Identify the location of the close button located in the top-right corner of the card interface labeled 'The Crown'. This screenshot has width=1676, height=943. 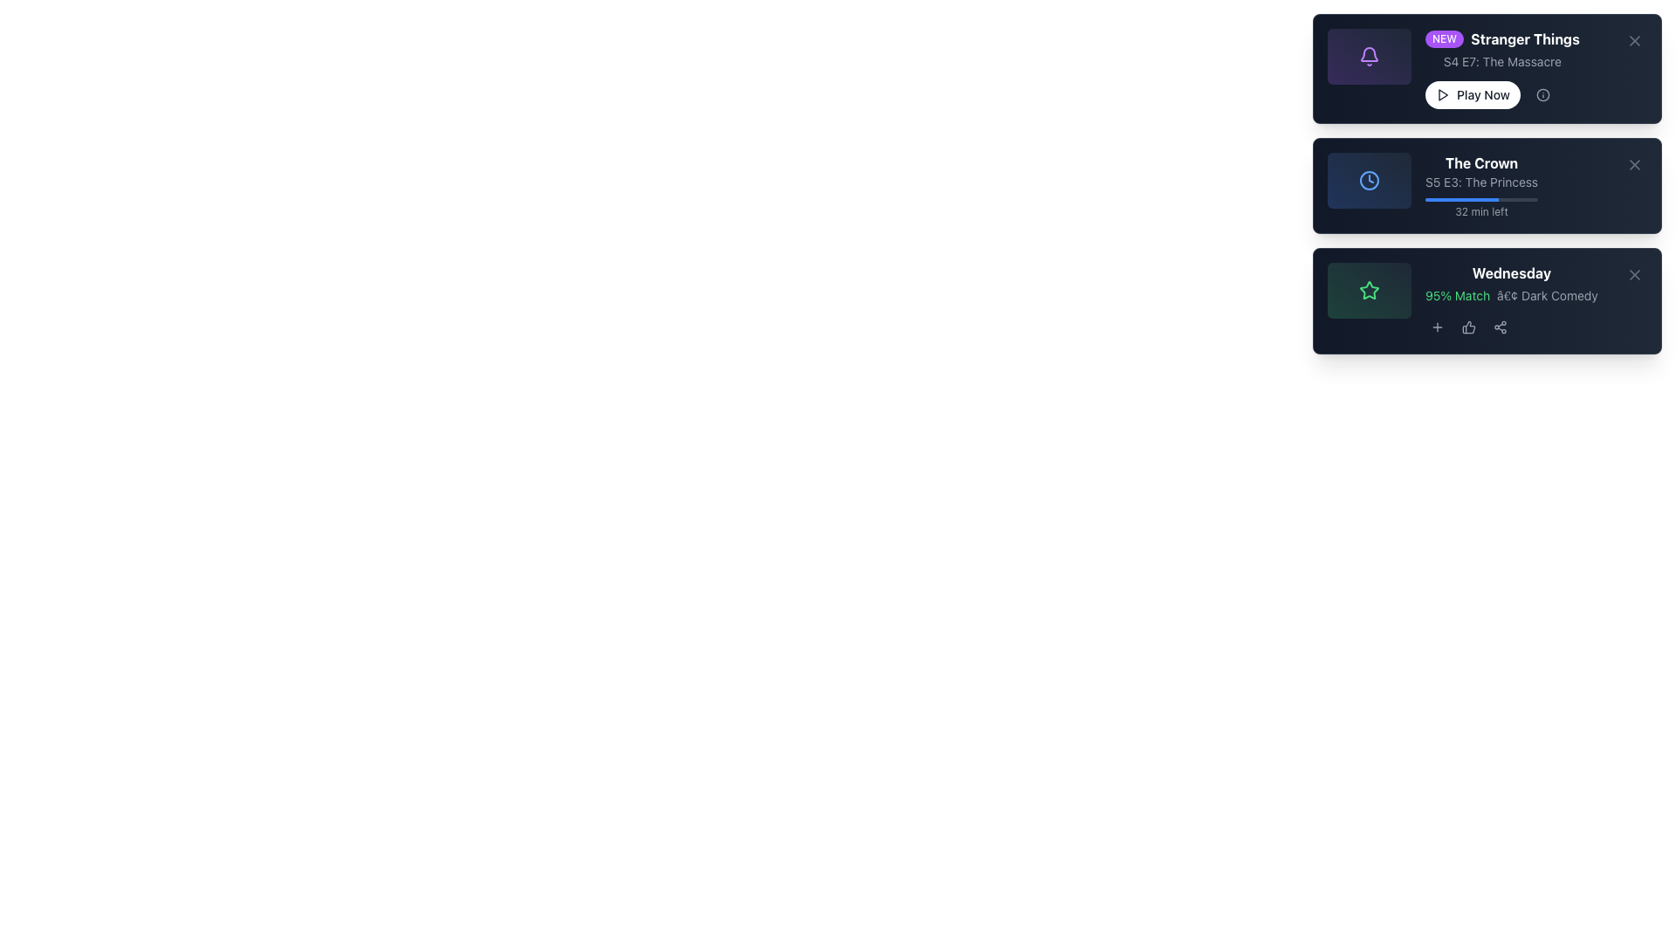
(1633, 165).